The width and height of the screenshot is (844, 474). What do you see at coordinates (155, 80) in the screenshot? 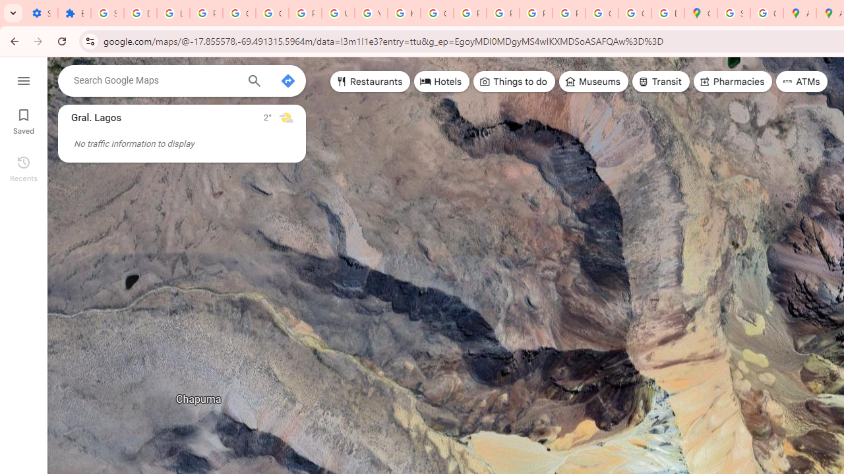
I see `'Search Google Maps'` at bounding box center [155, 80].